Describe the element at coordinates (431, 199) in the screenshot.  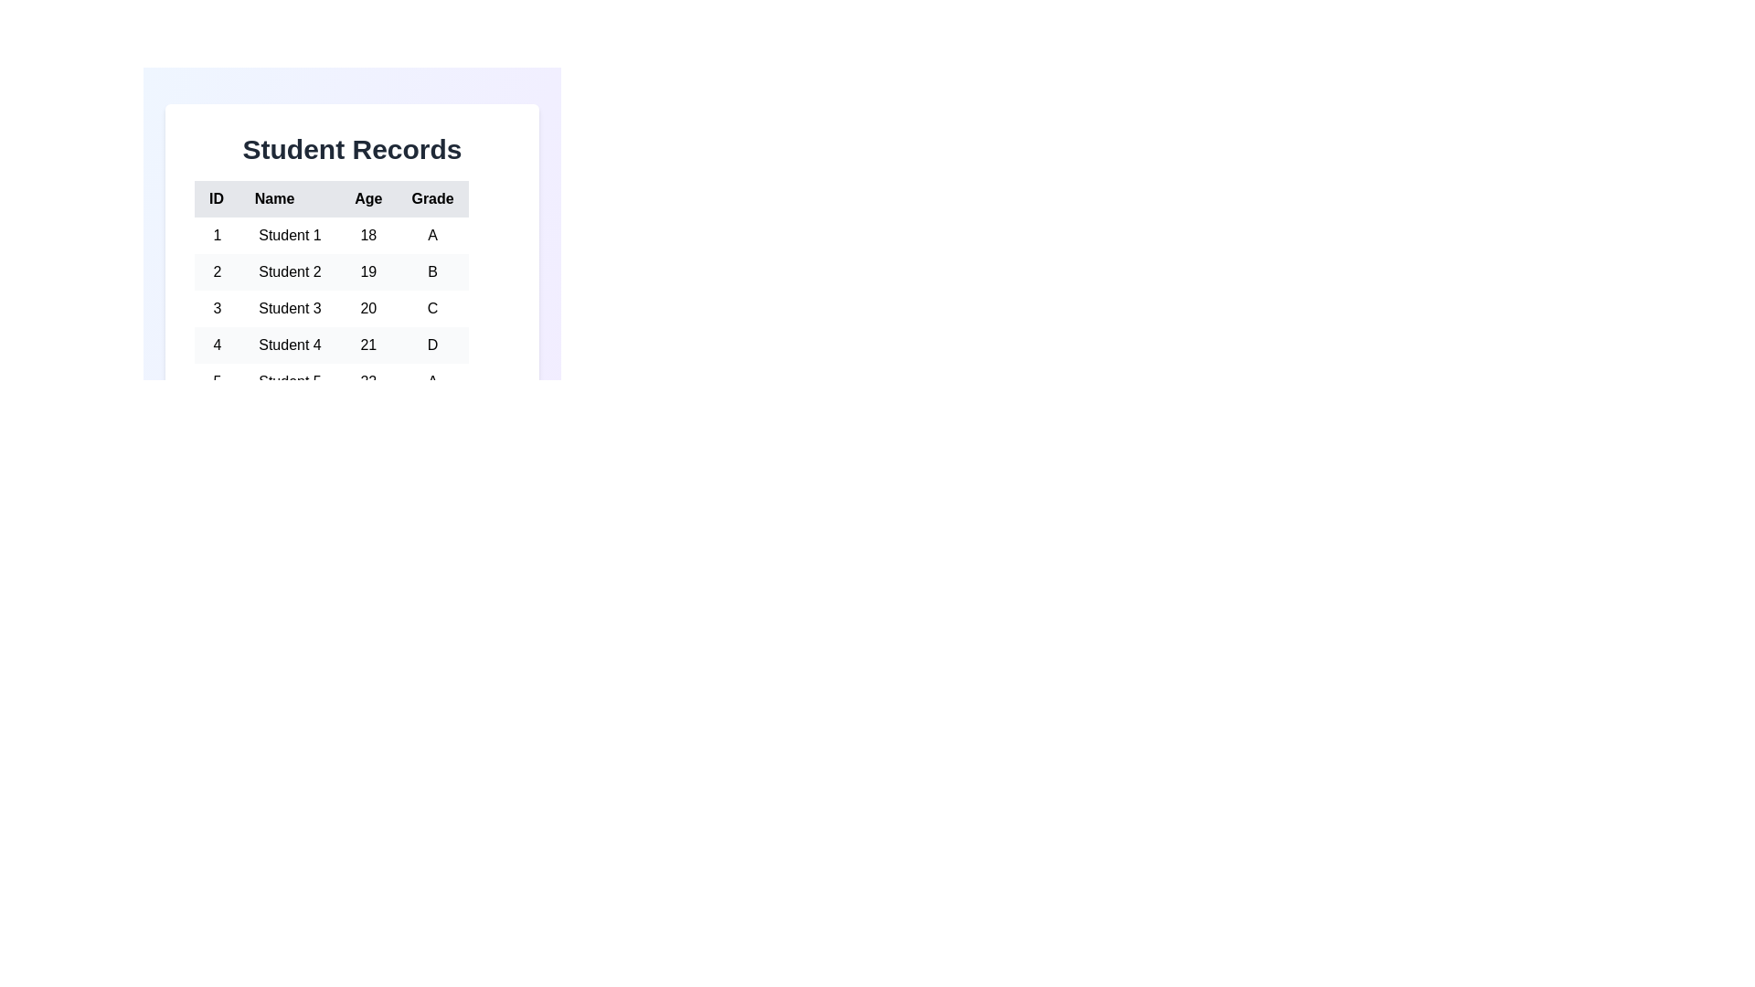
I see `the column header Grade to sort the table by that column` at that location.